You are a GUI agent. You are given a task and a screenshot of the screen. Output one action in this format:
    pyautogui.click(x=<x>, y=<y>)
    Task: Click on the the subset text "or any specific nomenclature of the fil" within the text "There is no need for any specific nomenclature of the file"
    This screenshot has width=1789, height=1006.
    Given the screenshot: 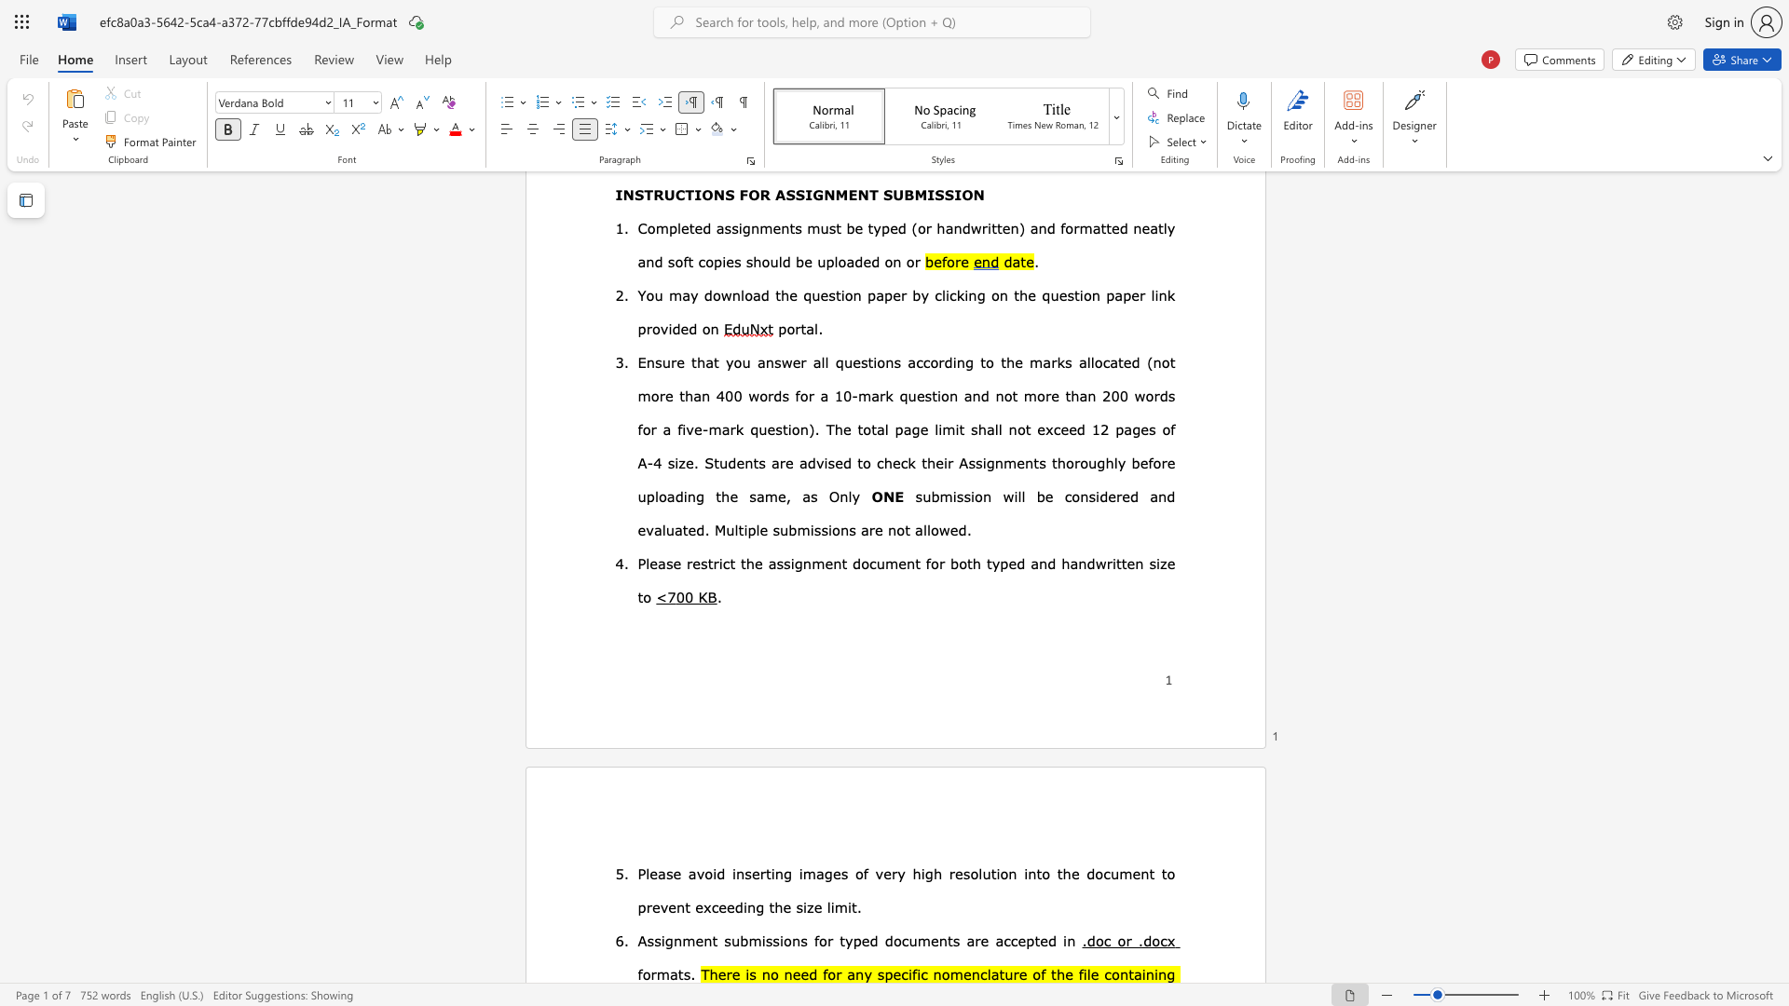 What is the action you would take?
    pyautogui.click(x=826, y=972)
    